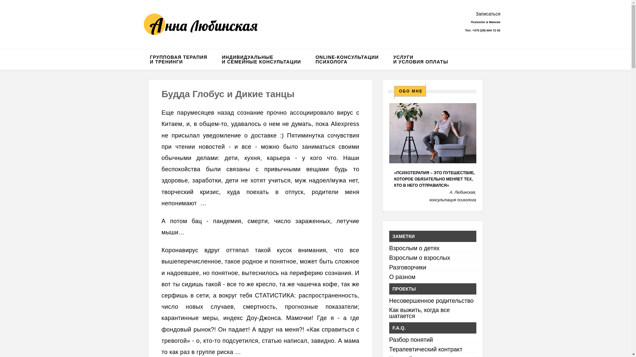  What do you see at coordinates (433, 328) in the screenshot?
I see `'F.A.Q.'` at bounding box center [433, 328].